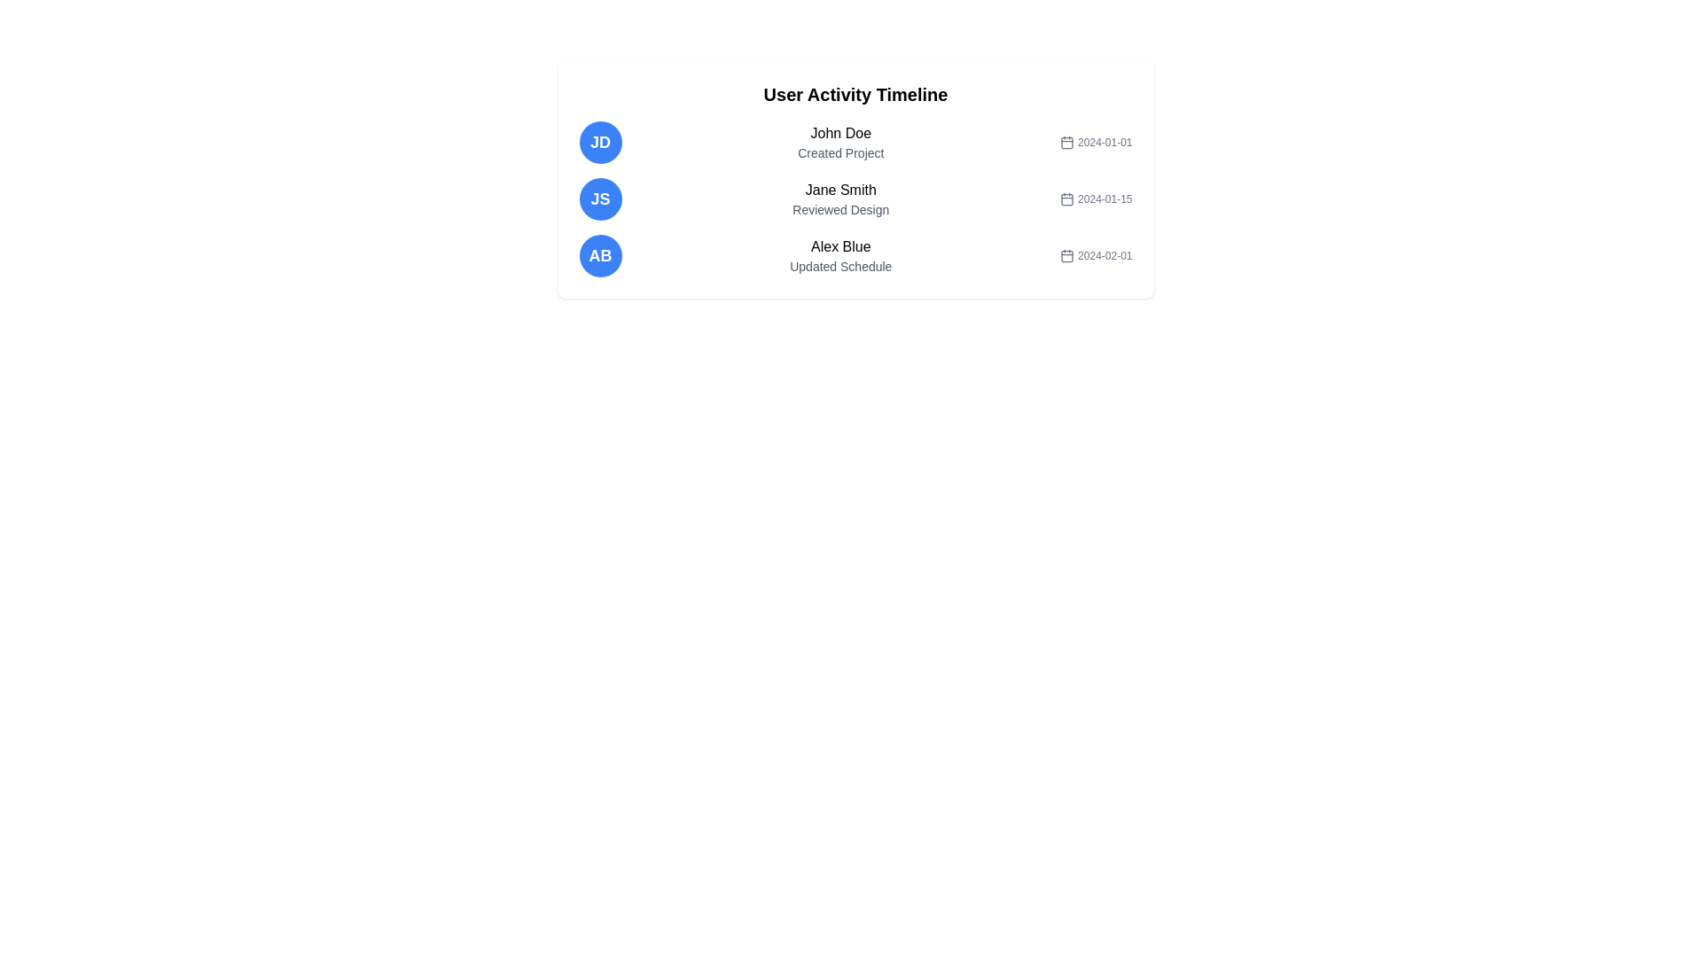 The image size is (1702, 957). Describe the element at coordinates (839, 256) in the screenshot. I see `text content of the Text label displaying 'Alex Blue' with the subtitle 'Updated Schedule', positioned to the right of the circular blue avatar in the vertical timeline` at that location.